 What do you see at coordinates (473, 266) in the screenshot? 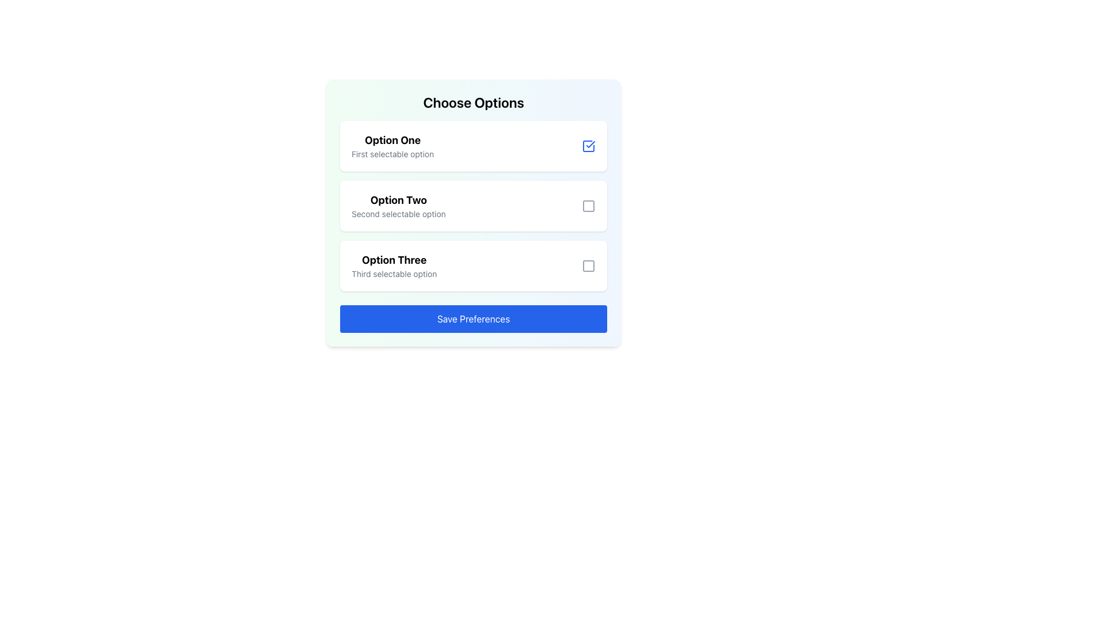
I see `the 'Option Three' List Option Item, which is the third item in the list titled 'Choose Options'` at bounding box center [473, 266].